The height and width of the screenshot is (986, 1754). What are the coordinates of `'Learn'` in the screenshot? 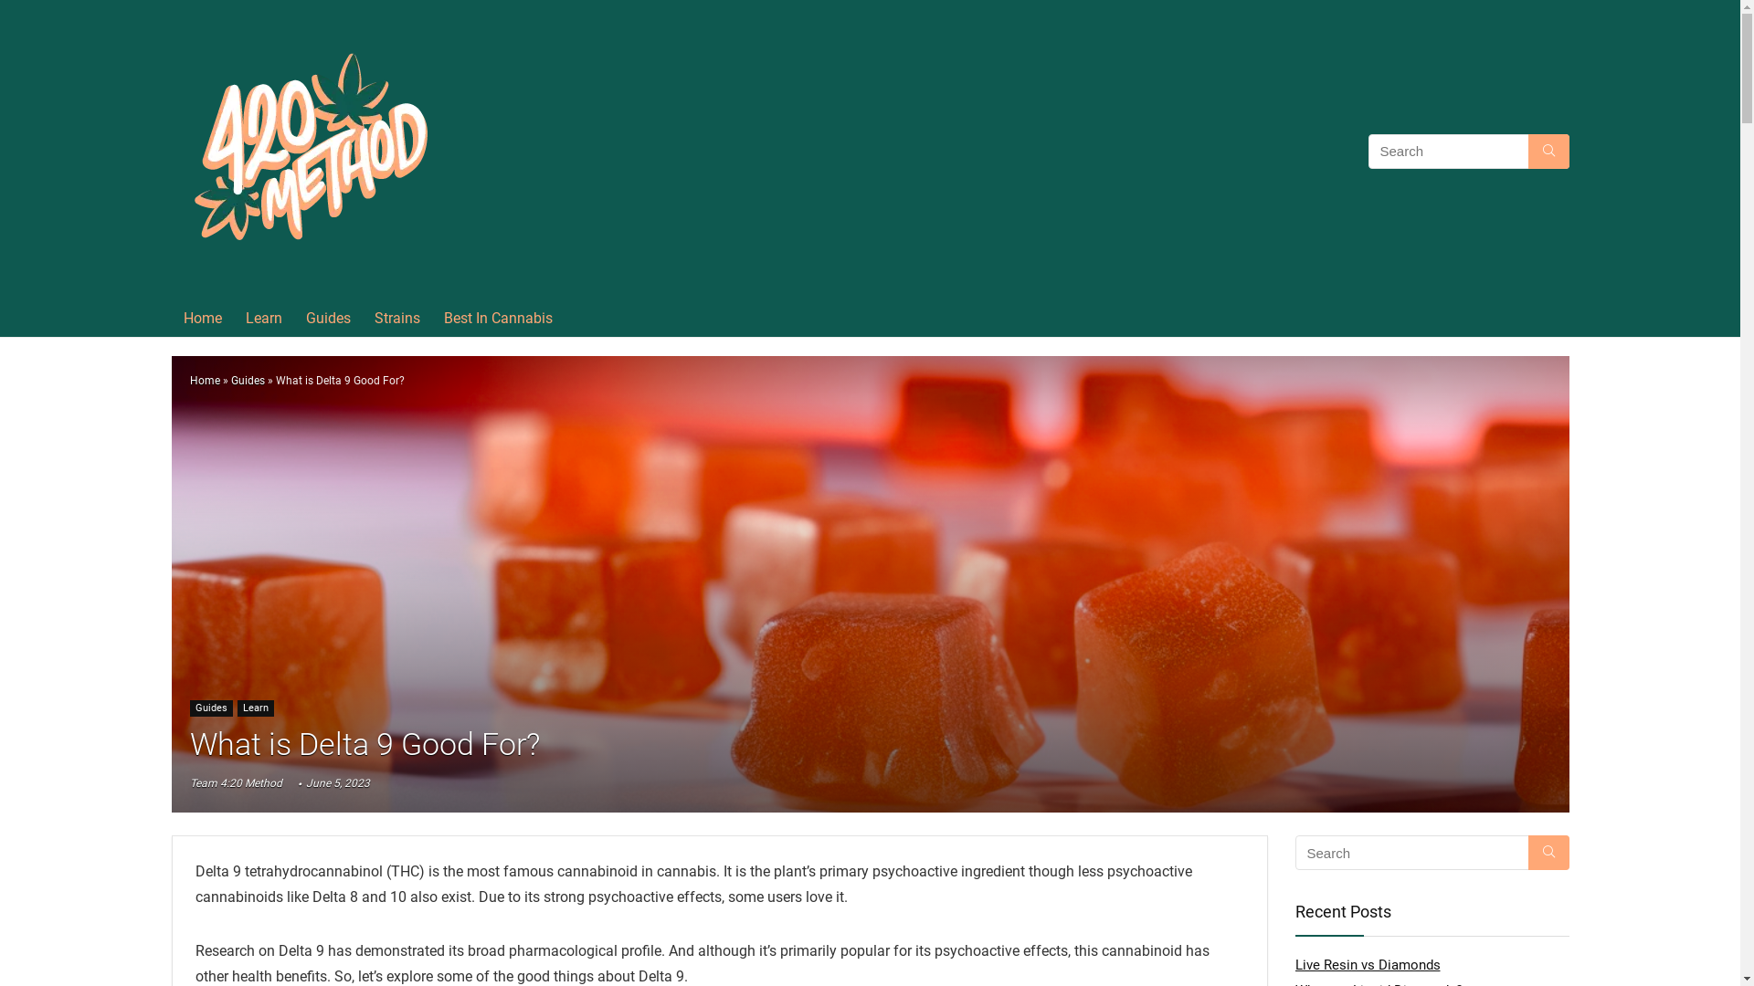 It's located at (254, 707).